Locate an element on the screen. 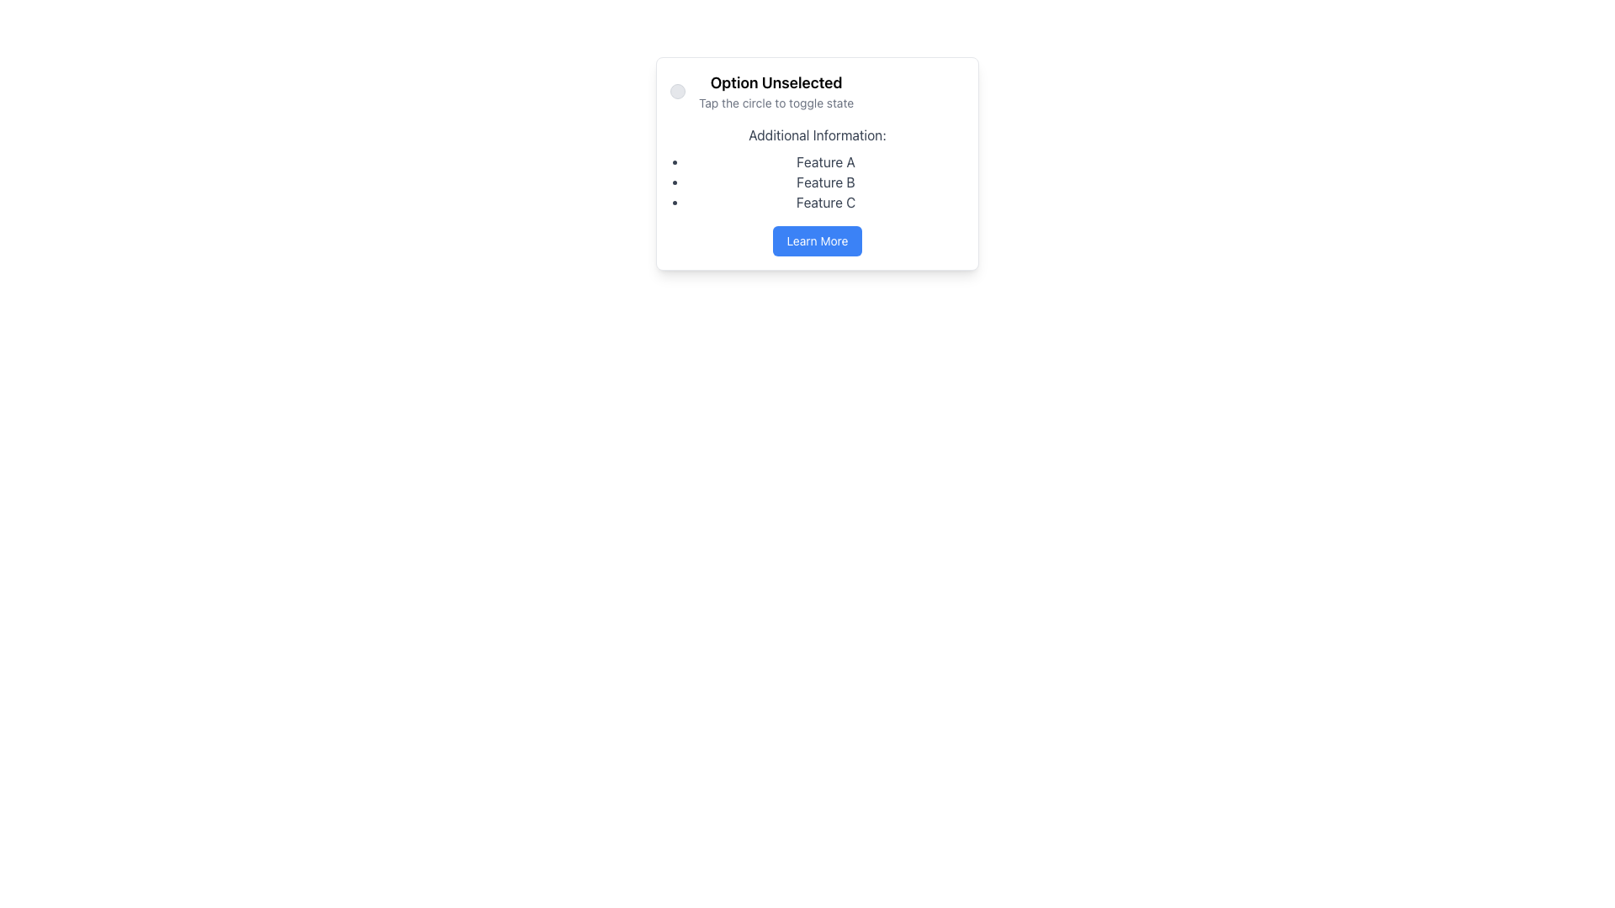  the label indicating the current option status, which displays 'Unselected' and is positioned above the sibling element containing the text 'Tap the circle to toggle state' is located at coordinates (776, 83).